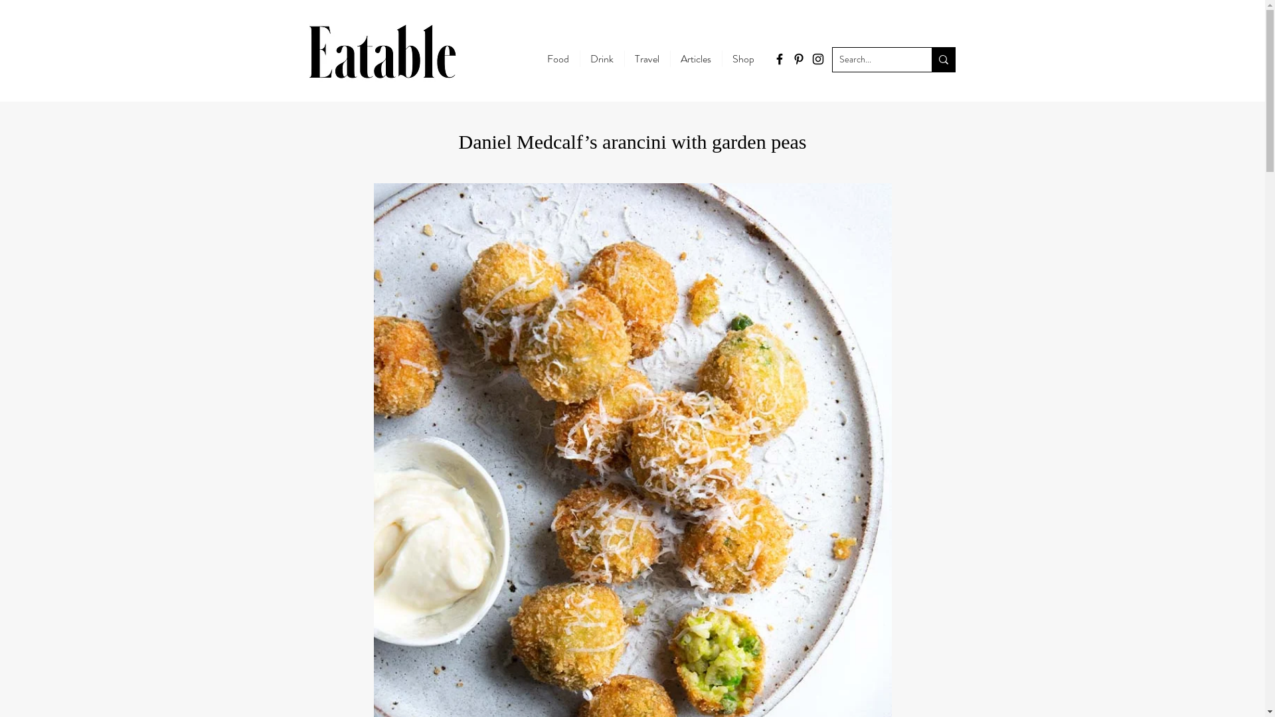  What do you see at coordinates (694, 58) in the screenshot?
I see `'Articles'` at bounding box center [694, 58].